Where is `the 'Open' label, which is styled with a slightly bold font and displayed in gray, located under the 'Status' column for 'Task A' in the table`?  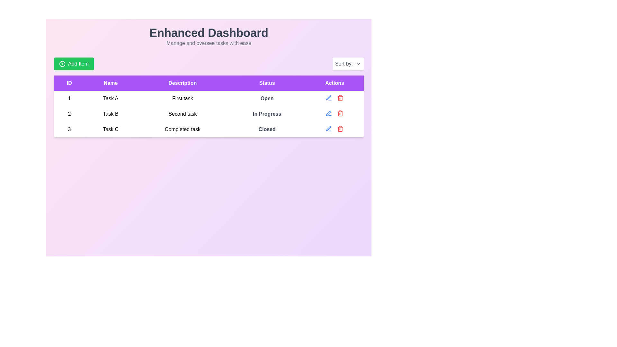
the 'Open' label, which is styled with a slightly bold font and displayed in gray, located under the 'Status' column for 'Task A' in the table is located at coordinates (267, 99).